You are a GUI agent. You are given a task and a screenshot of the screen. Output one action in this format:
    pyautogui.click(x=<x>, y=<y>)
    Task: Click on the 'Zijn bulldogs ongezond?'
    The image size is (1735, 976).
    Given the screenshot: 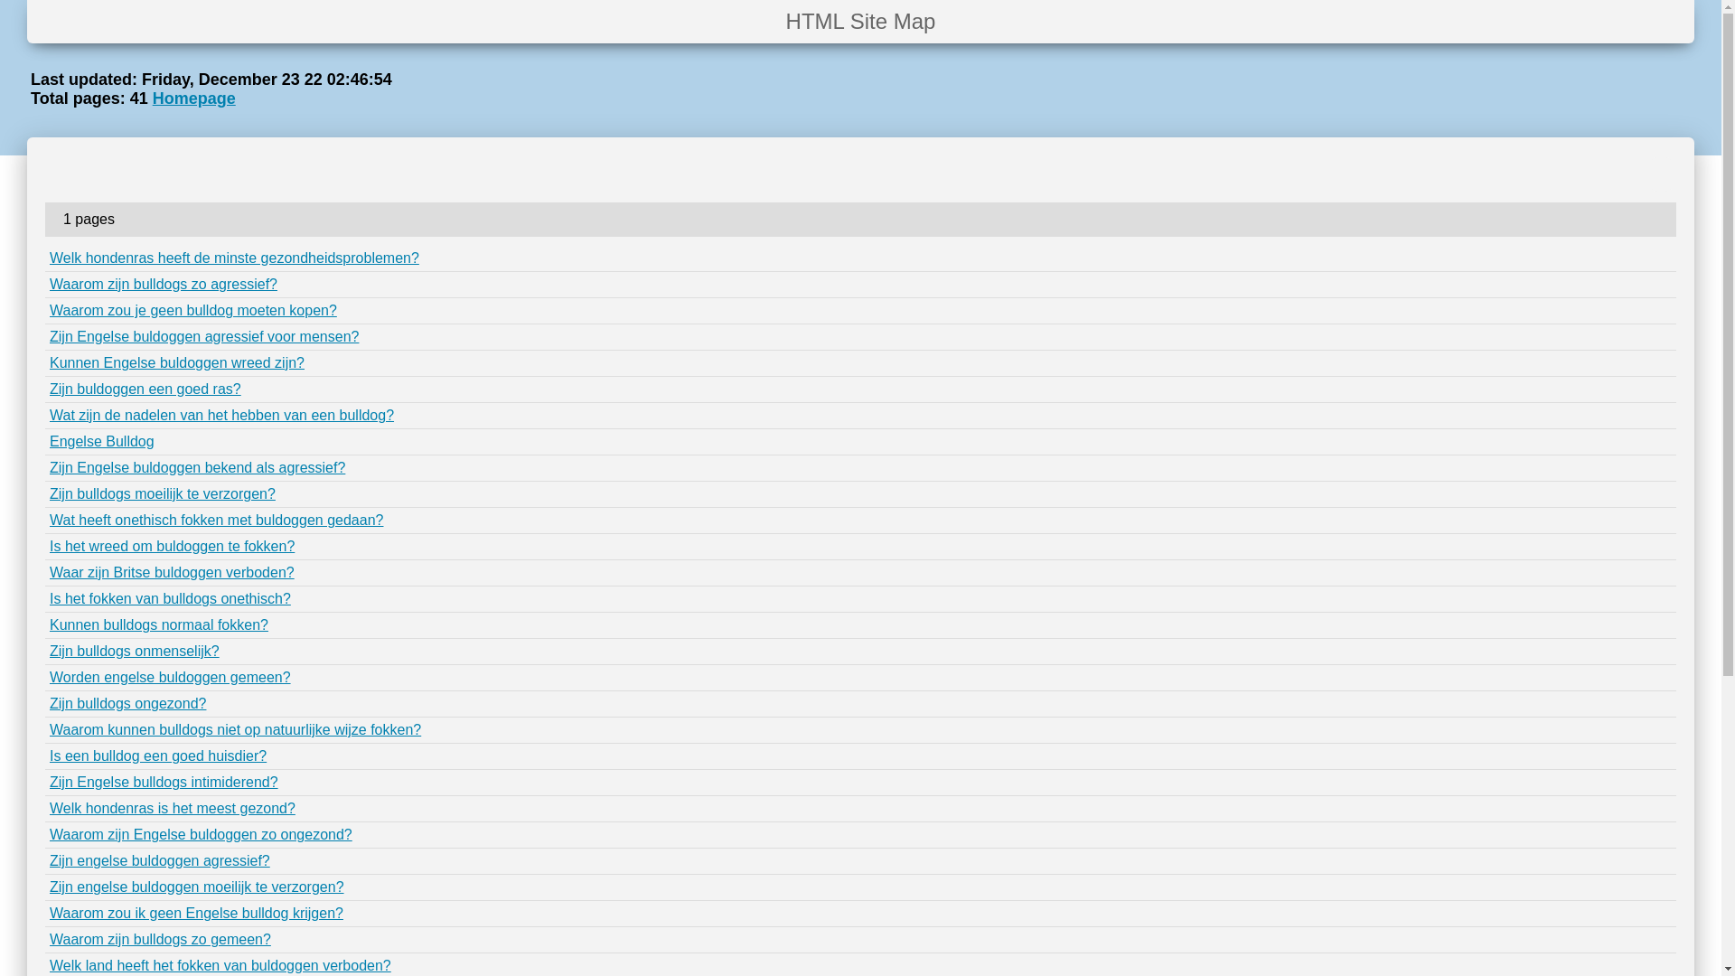 What is the action you would take?
    pyautogui.click(x=127, y=702)
    